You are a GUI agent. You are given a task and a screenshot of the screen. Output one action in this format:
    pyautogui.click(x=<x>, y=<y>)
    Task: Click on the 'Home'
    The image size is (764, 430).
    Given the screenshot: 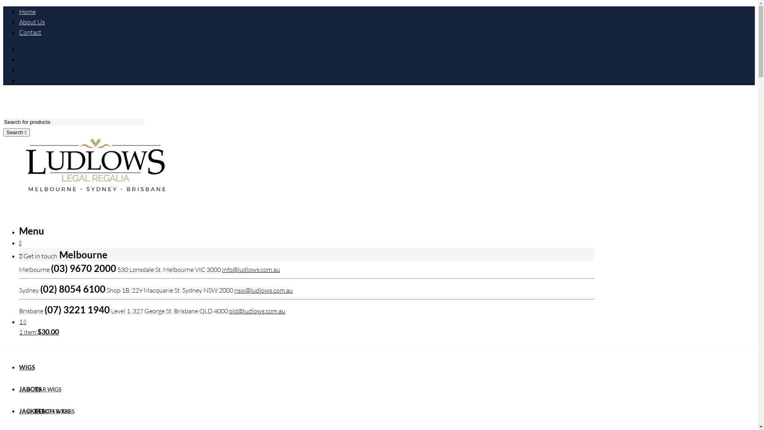 What is the action you would take?
    pyautogui.click(x=27, y=12)
    